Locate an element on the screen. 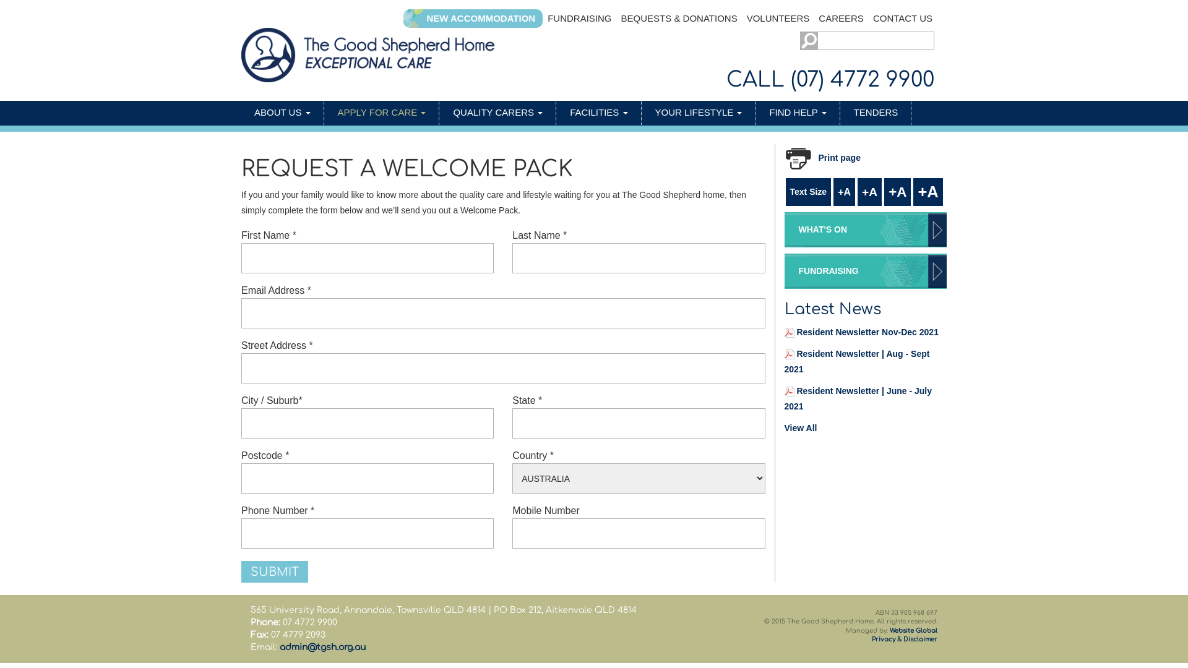 The image size is (1188, 668). 'Privacy & Disclaimer' is located at coordinates (905, 639).